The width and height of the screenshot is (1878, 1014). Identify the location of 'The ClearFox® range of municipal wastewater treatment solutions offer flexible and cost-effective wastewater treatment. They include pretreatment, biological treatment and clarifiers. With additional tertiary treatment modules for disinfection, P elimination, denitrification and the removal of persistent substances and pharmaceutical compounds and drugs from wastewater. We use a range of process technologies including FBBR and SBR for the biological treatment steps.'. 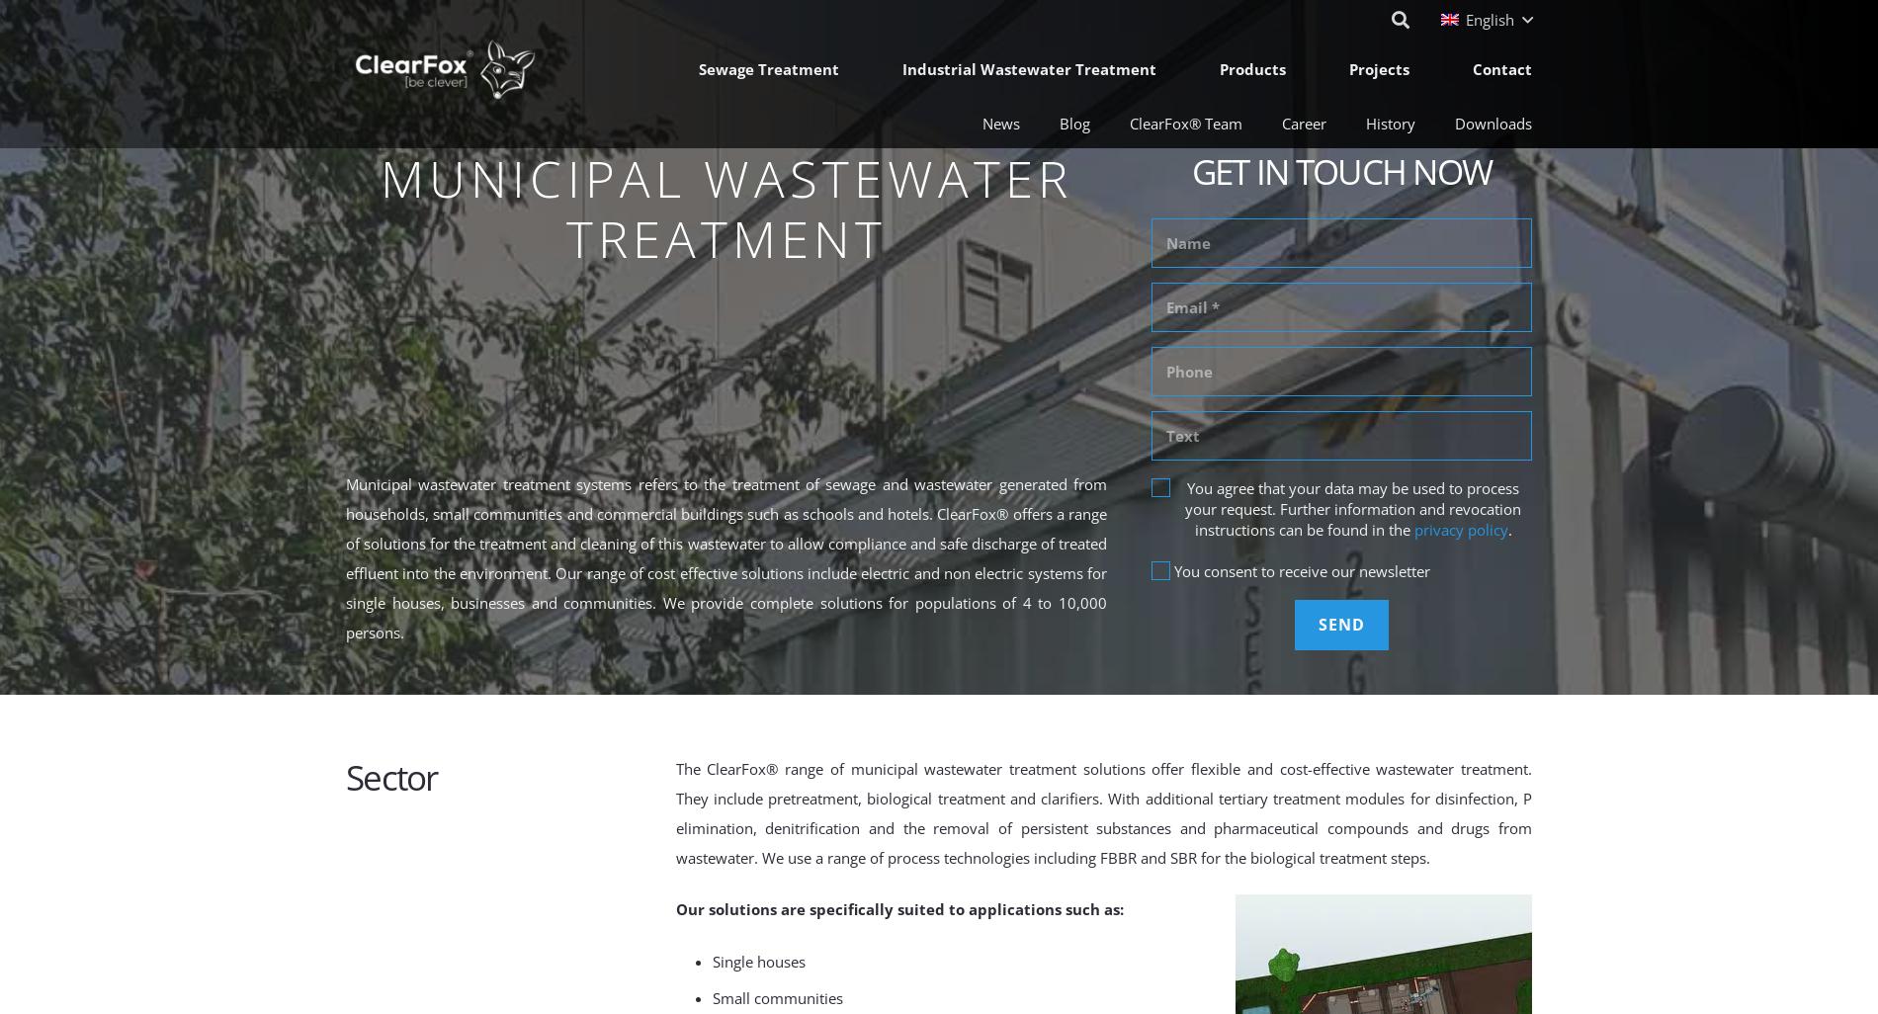
(1103, 812).